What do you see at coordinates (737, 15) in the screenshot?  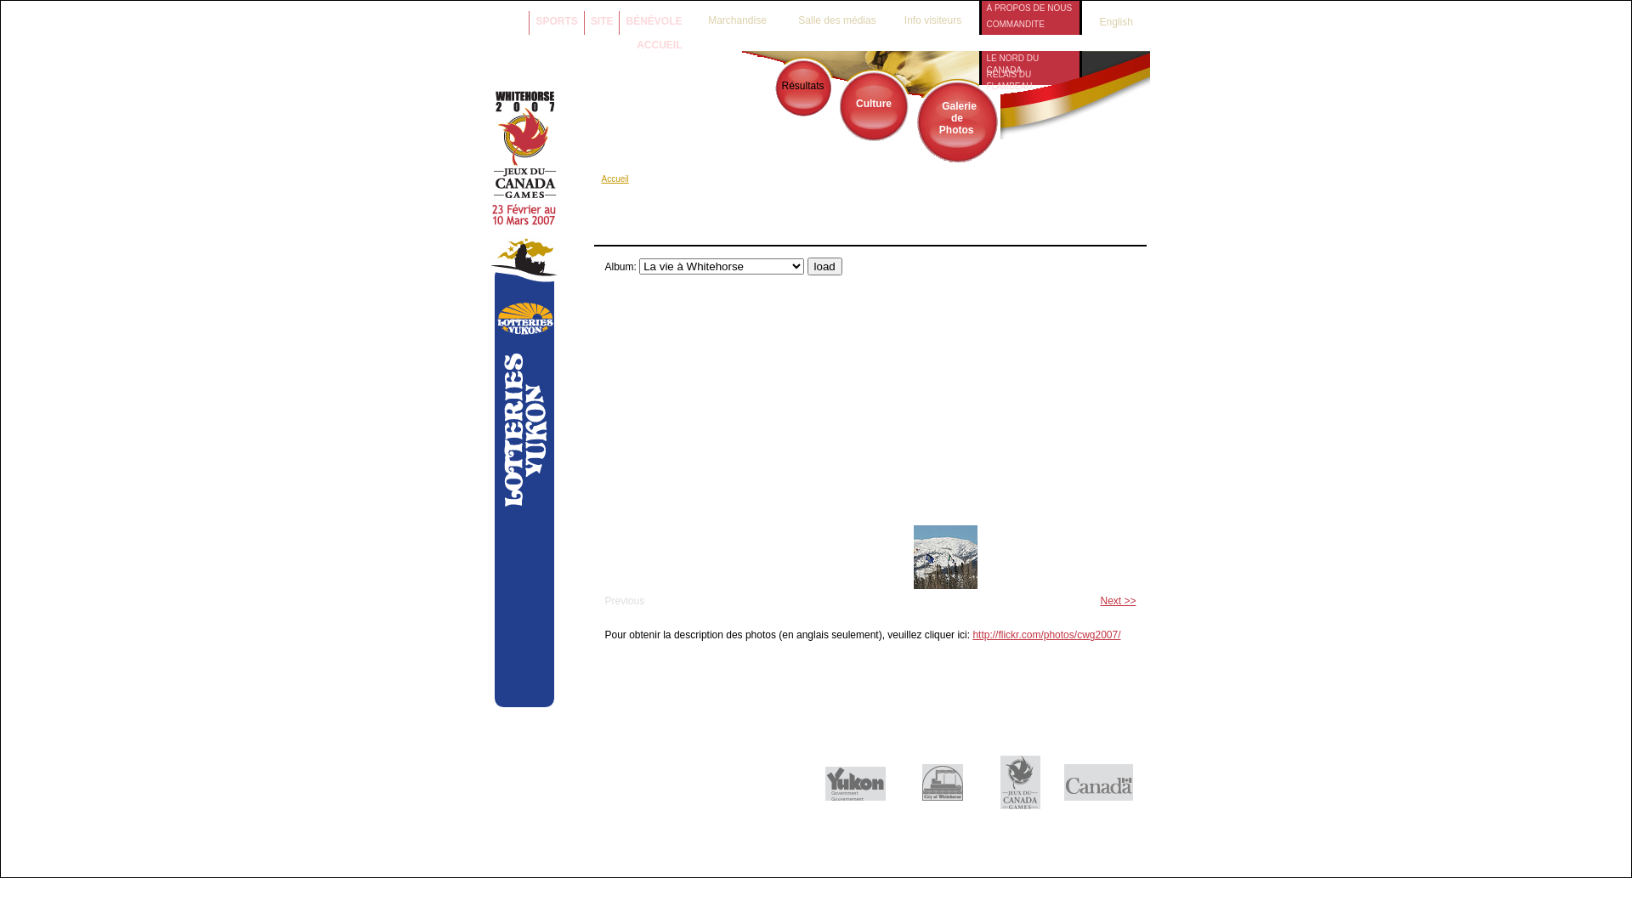 I see `'Marchandise'` at bounding box center [737, 15].